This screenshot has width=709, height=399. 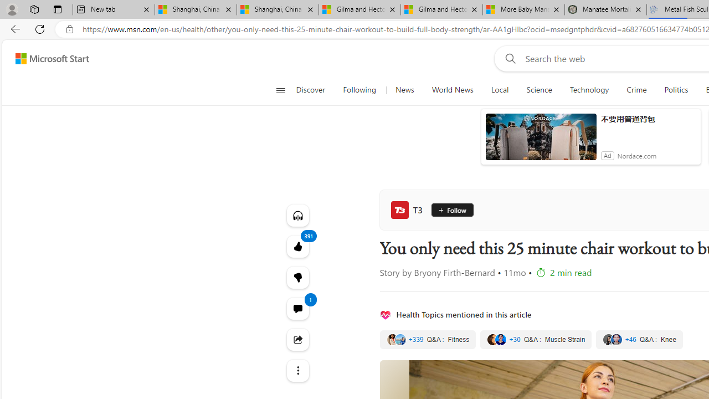 I want to click on 'Crime', so click(x=636, y=90).